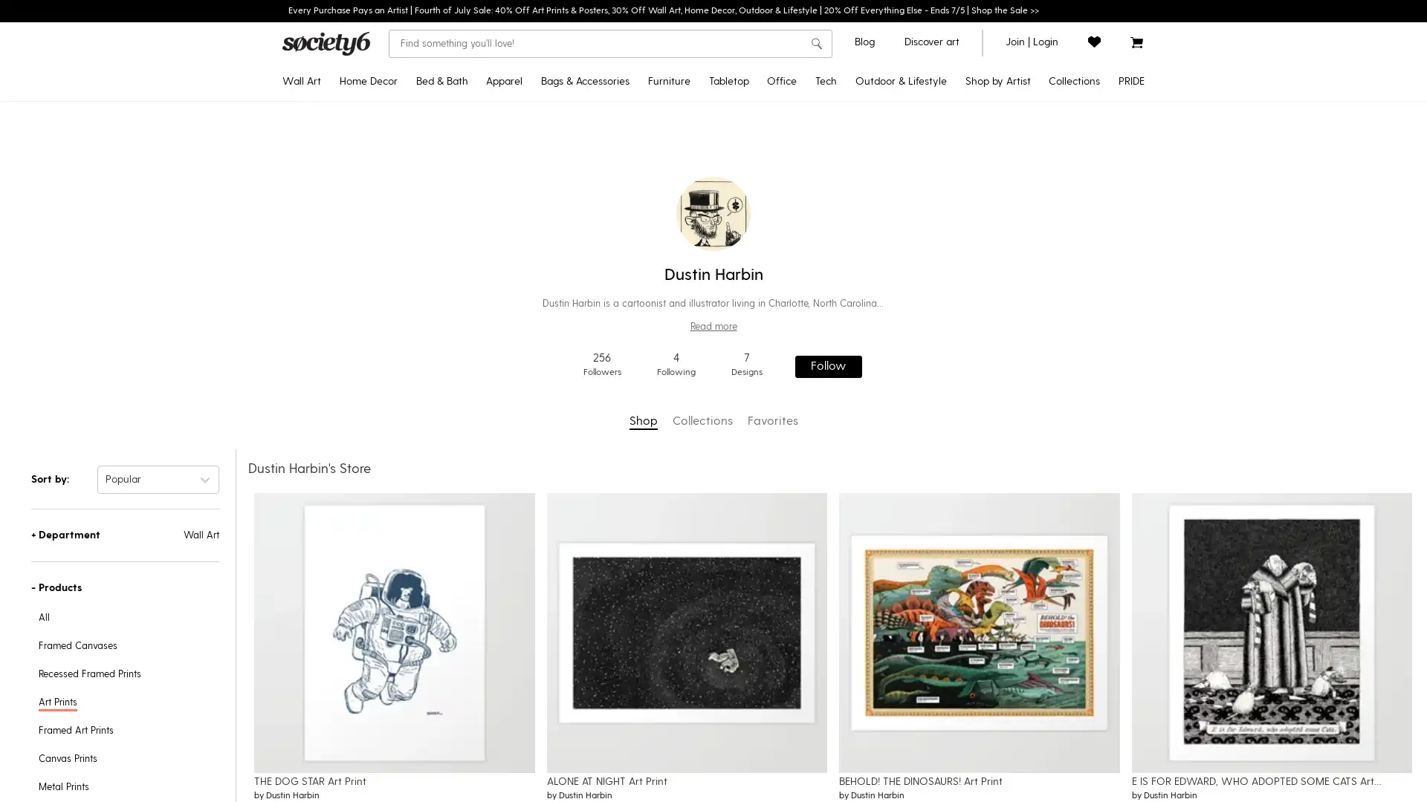 Image resolution: width=1427 pixels, height=802 pixels. What do you see at coordinates (920, 262) in the screenshot?
I see `Welcome Mats` at bounding box center [920, 262].